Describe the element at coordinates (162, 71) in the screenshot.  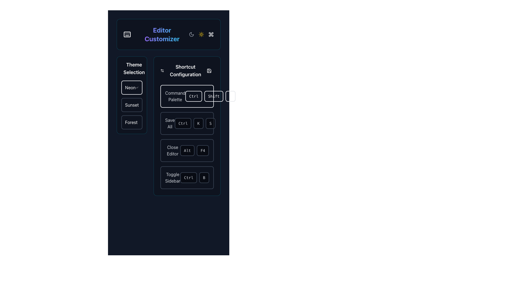
I see `the settings icon located at the top-left corner of the 'Shortcut Configuration' section` at that location.